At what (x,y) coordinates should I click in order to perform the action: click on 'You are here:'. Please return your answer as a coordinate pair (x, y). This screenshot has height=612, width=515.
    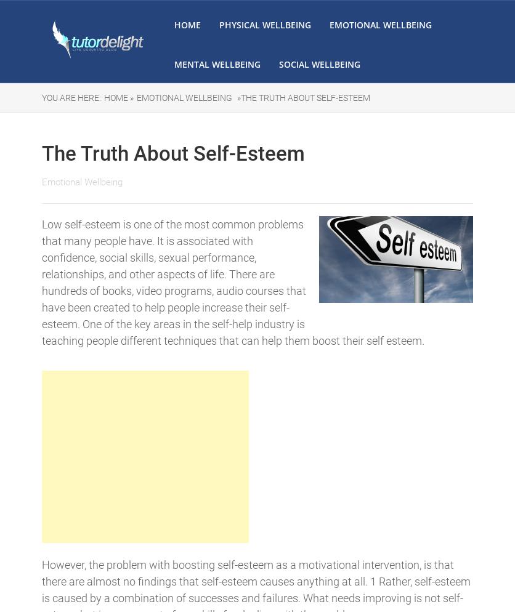
    Looking at the image, I should click on (71, 98).